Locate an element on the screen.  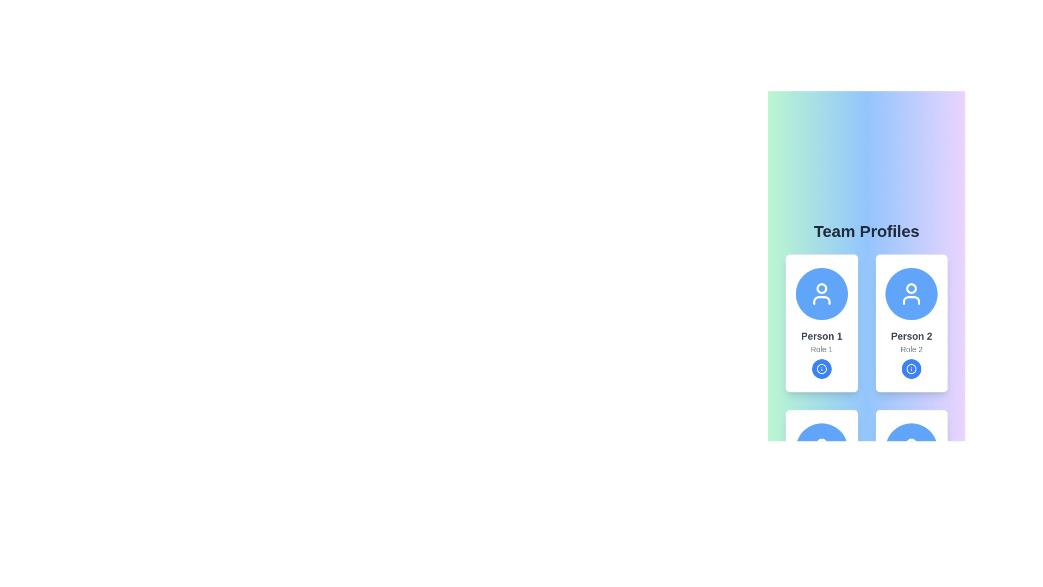
the small circular shape representing the head in the user profile icon located in the upper-right card under the 'Team Profiles' header is located at coordinates (912, 288).